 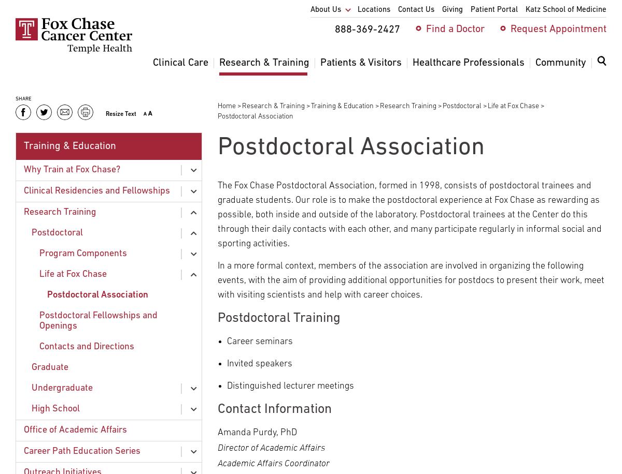 I want to click on 'Overview', so click(x=239, y=89).